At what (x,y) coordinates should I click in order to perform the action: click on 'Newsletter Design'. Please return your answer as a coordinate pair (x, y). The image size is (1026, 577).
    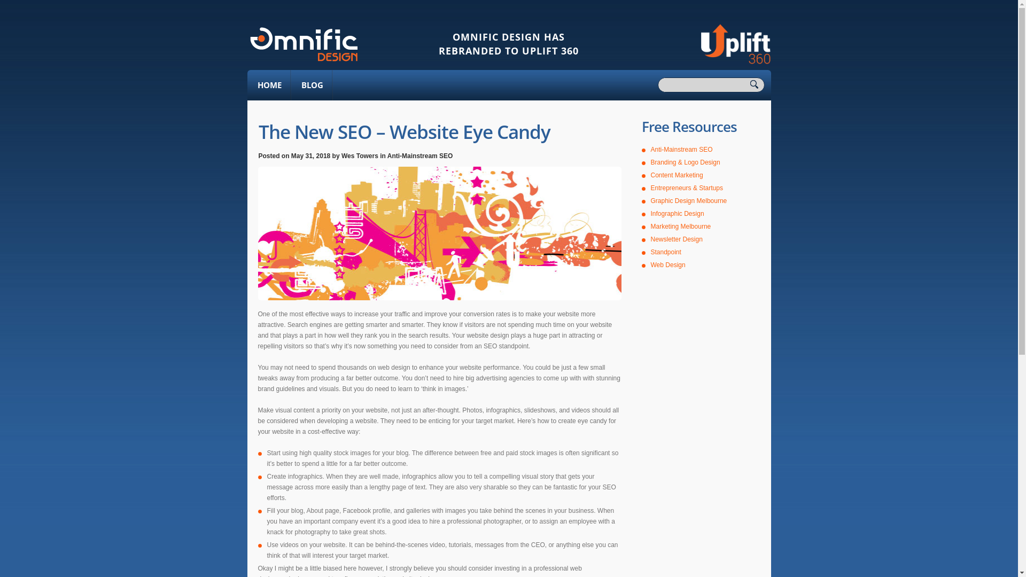
    Looking at the image, I should click on (676, 238).